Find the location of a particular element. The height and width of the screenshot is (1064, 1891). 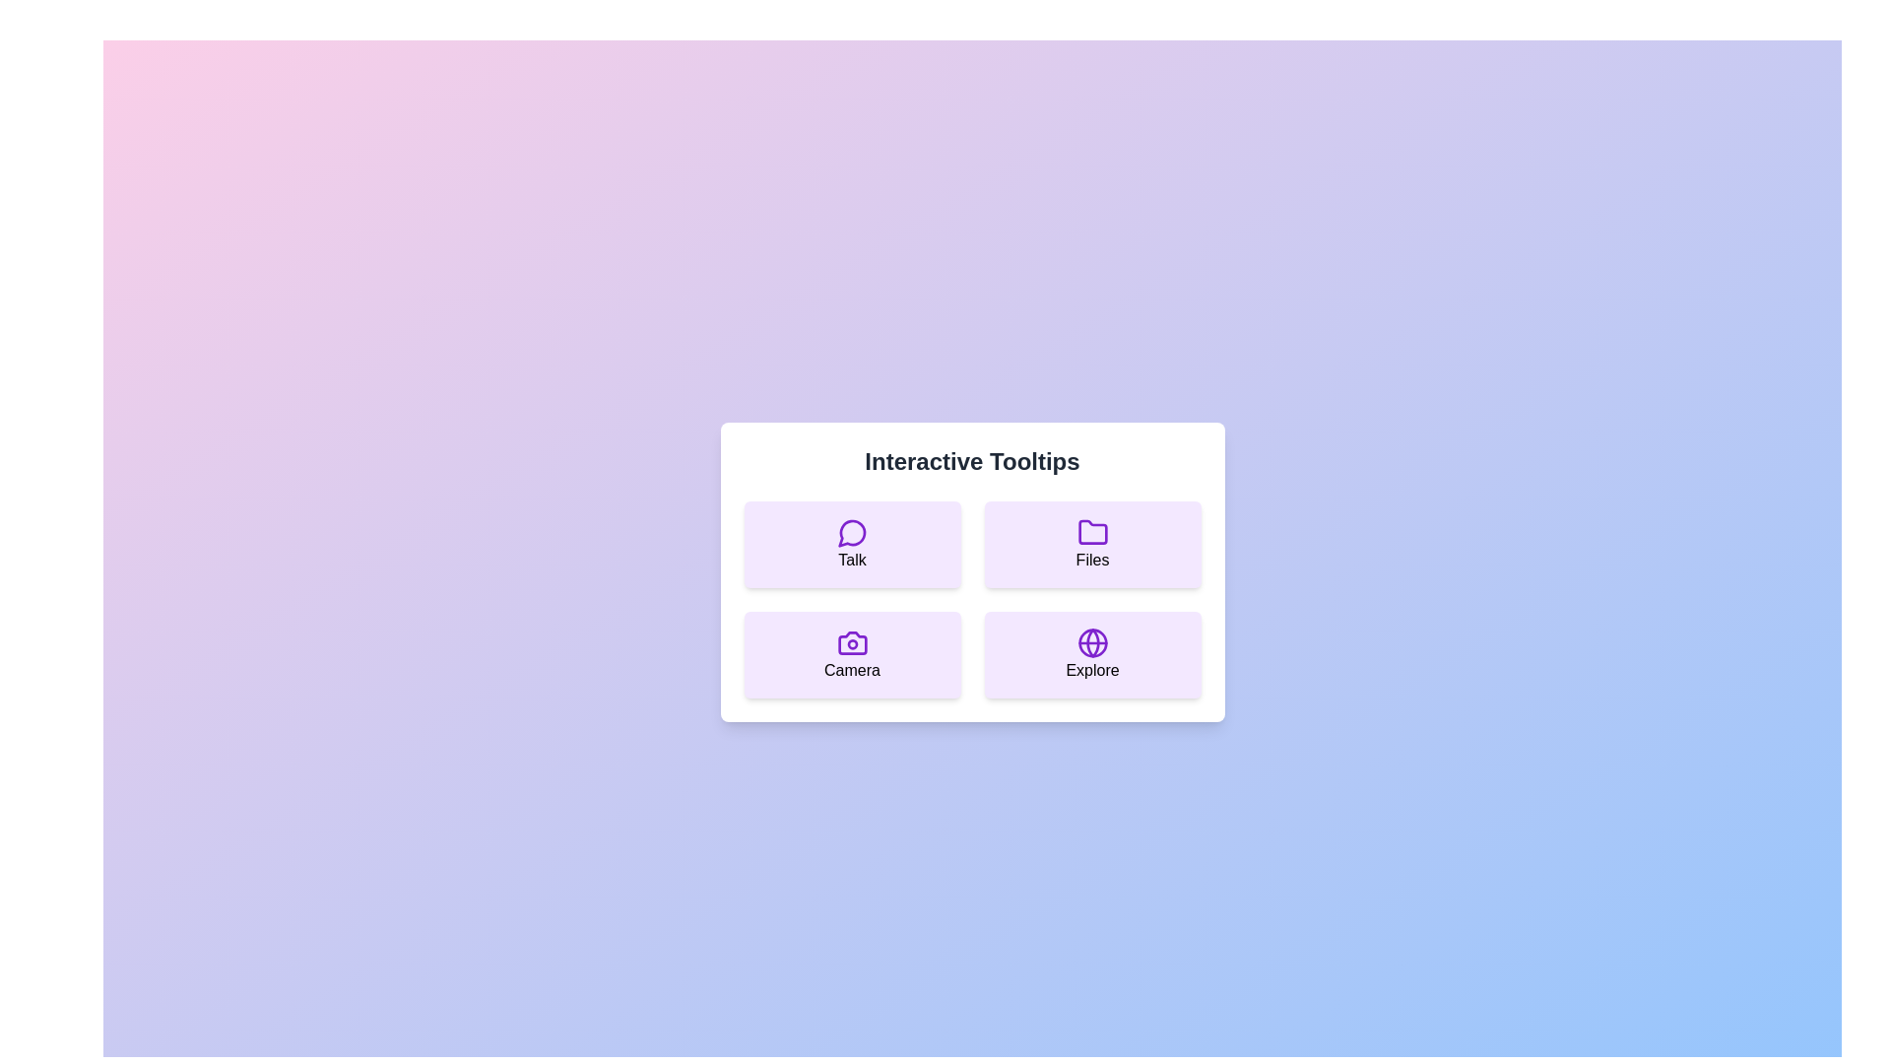

the 'Camera' card located in the bottom-left corner of the grid layout is located at coordinates (852, 654).